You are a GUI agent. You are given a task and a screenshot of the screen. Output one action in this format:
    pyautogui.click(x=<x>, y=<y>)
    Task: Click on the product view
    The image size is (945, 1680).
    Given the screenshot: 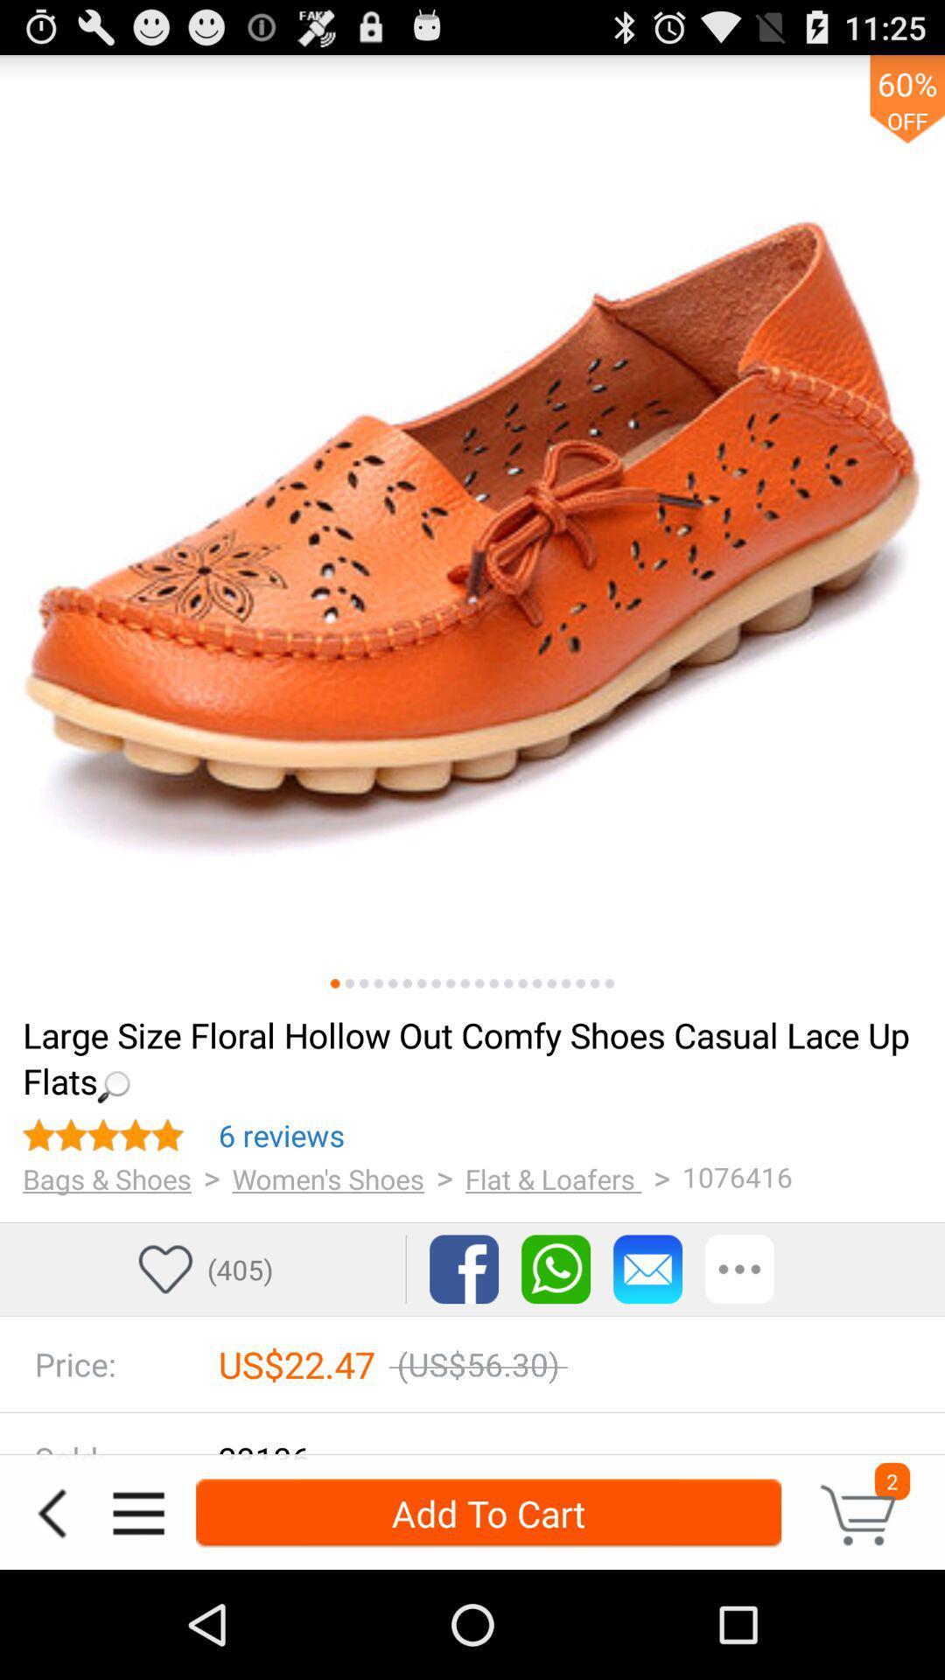 What is the action you would take?
    pyautogui.click(x=377, y=983)
    